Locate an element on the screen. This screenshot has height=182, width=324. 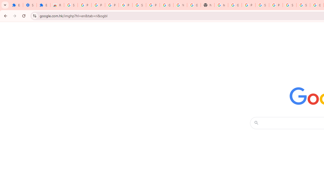
'Extensions' is located at coordinates (16, 5).